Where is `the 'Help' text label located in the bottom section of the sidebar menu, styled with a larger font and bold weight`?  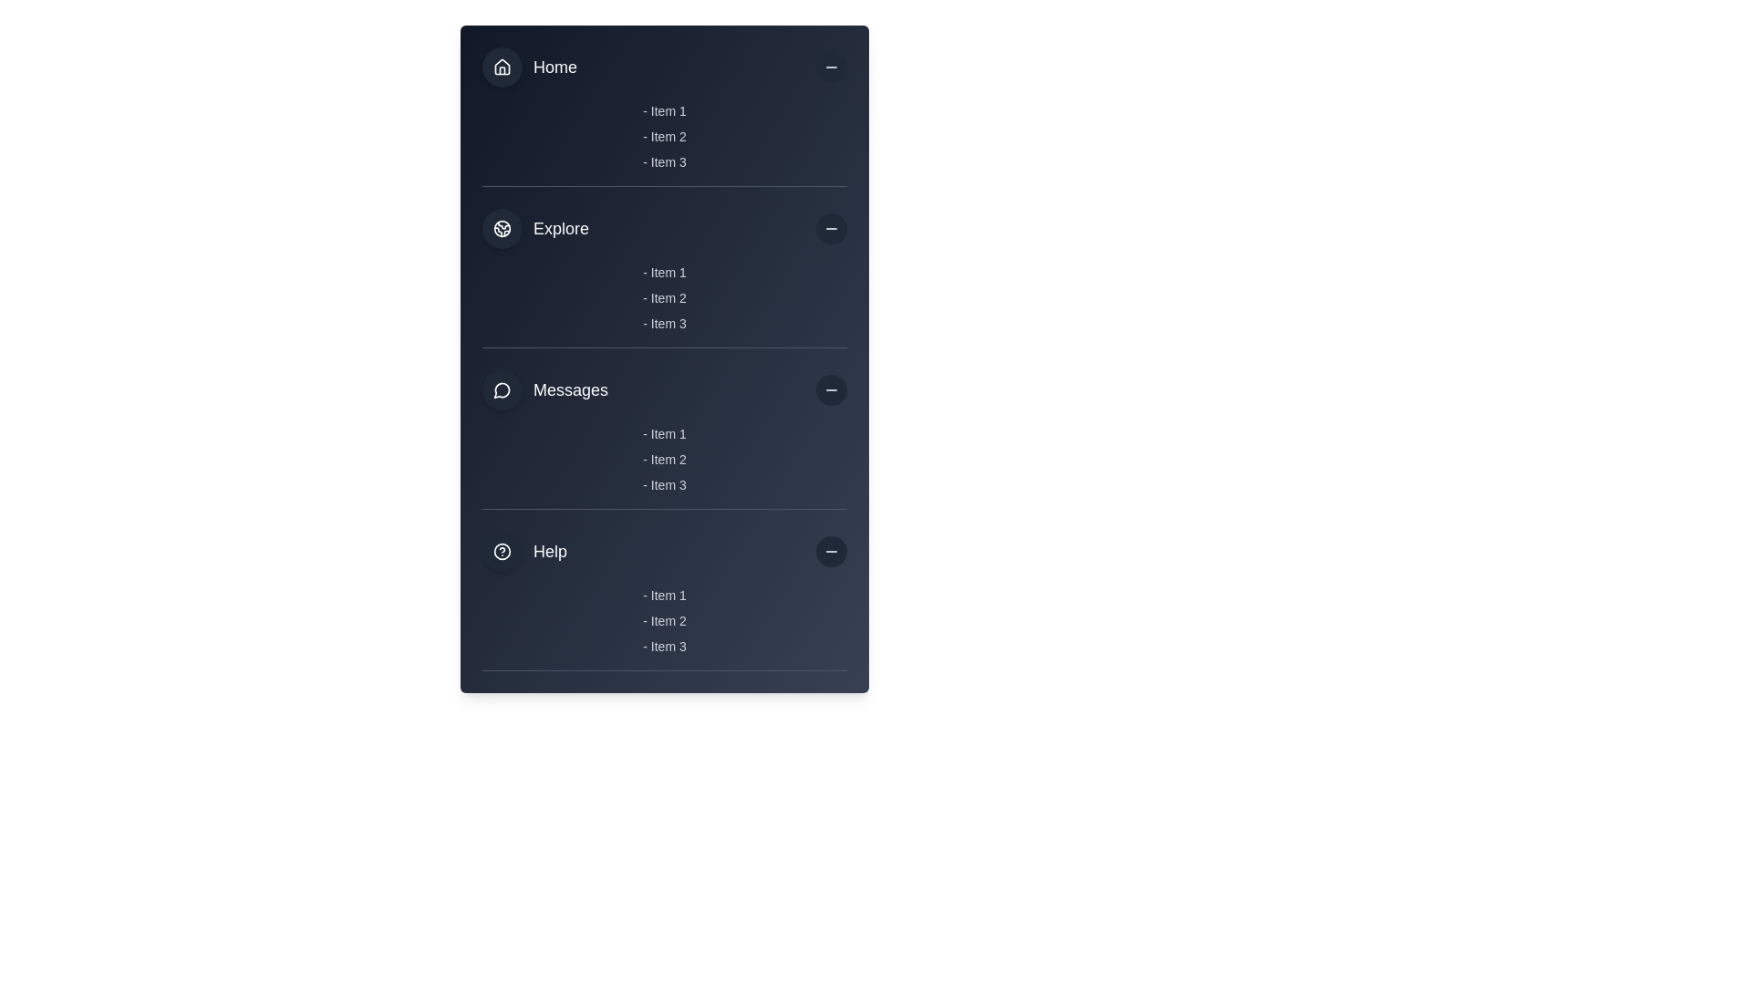 the 'Help' text label located in the bottom section of the sidebar menu, styled with a larger font and bold weight is located at coordinates (549, 551).